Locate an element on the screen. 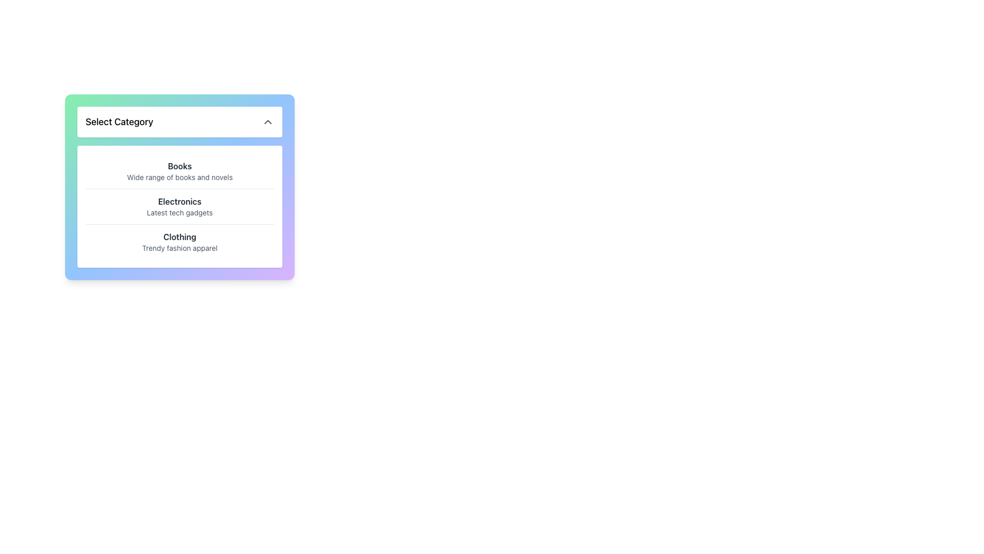 The image size is (984, 554). the text element labeled 'Latest tech gadgets', which is styled in a small gray font and positioned underneath 'Electronics' in a dropdown menu is located at coordinates (179, 212).